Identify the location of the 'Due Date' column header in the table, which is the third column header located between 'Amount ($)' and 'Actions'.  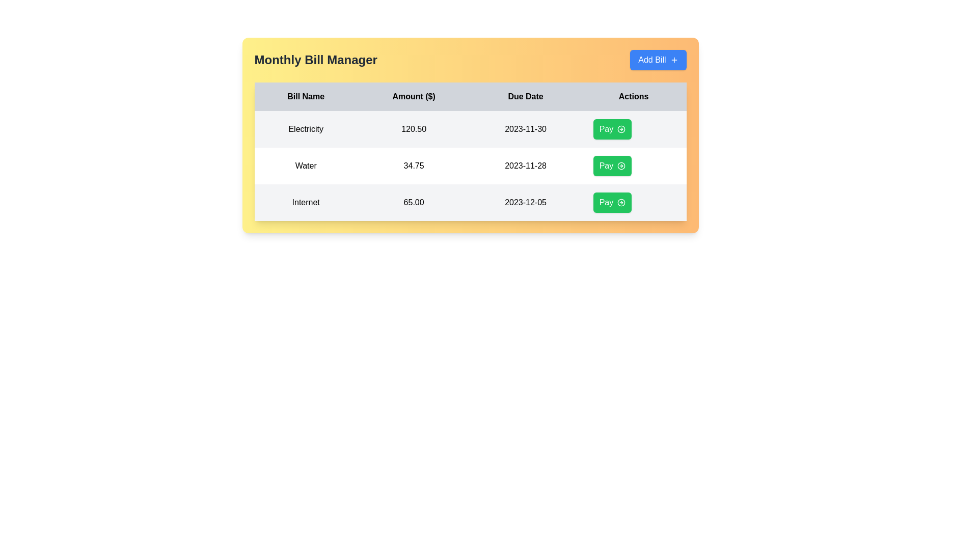
(526, 96).